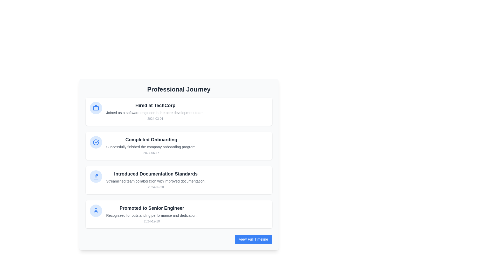 The image size is (498, 280). Describe the element at coordinates (96, 142) in the screenshot. I see `circular icon with a blue outline and a check mark inside, located in the second row of the 'Professional Journey' list, for additional information` at that location.